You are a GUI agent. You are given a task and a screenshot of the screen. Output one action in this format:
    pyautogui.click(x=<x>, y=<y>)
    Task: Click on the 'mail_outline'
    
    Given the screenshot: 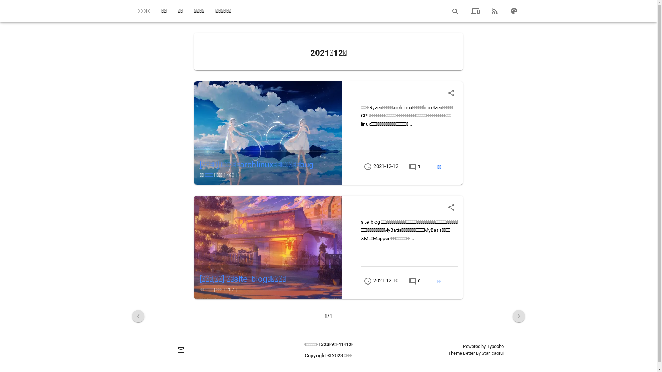 What is the action you would take?
    pyautogui.click(x=181, y=350)
    